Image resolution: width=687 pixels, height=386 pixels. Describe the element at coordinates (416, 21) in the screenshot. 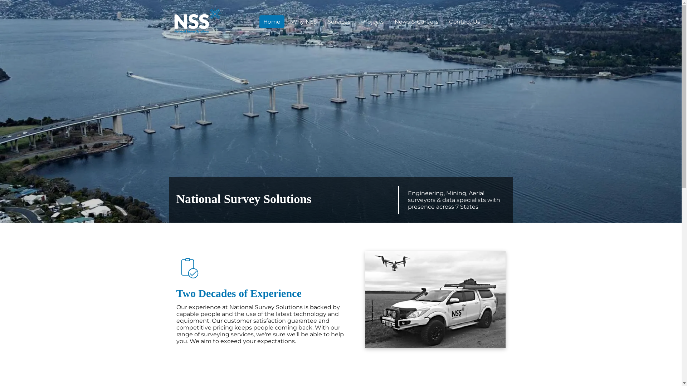

I see `'News & Careers'` at that location.